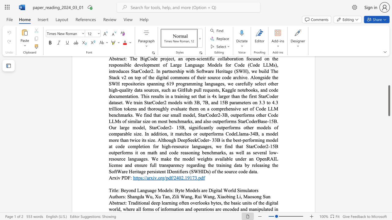 The width and height of the screenshot is (392, 220). What do you see at coordinates (389, 100) in the screenshot?
I see `the scrollbar and move up 270 pixels` at bounding box center [389, 100].